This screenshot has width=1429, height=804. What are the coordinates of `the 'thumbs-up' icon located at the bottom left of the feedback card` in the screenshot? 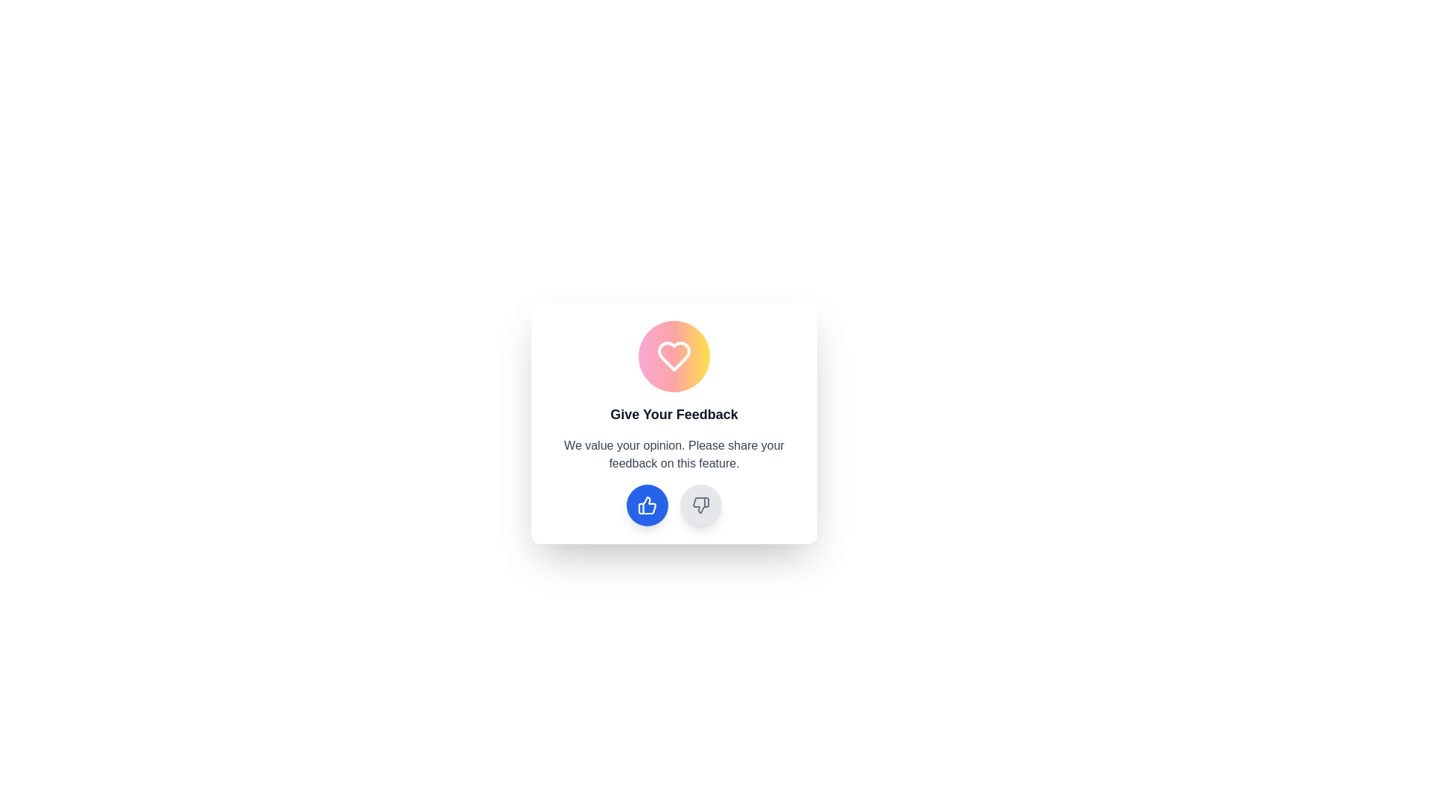 It's located at (647, 504).